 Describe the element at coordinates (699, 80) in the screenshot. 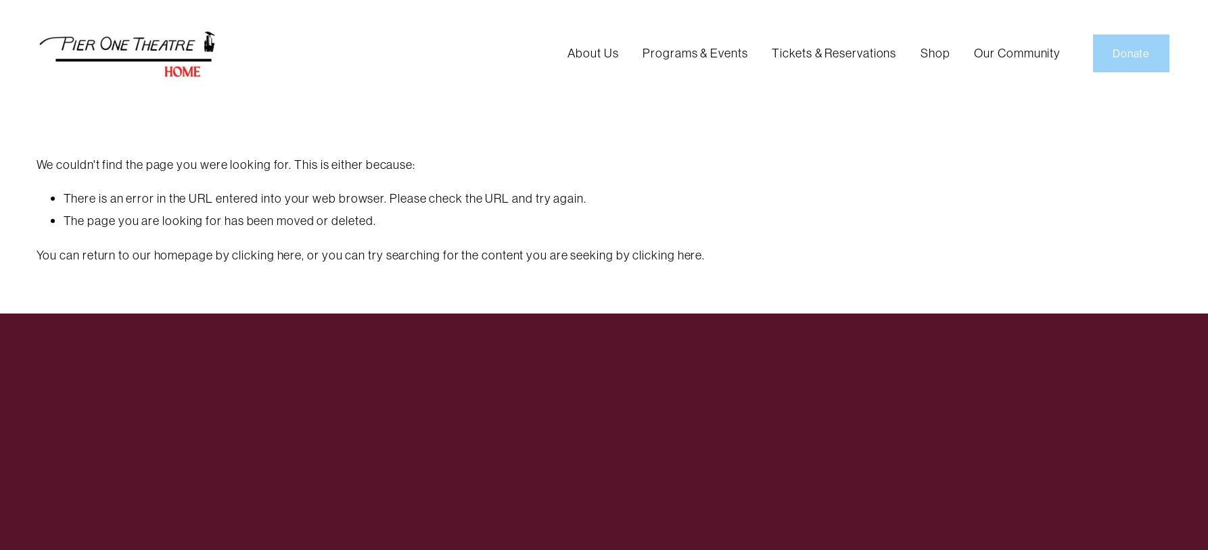

I see `'Upcoming Events'` at that location.